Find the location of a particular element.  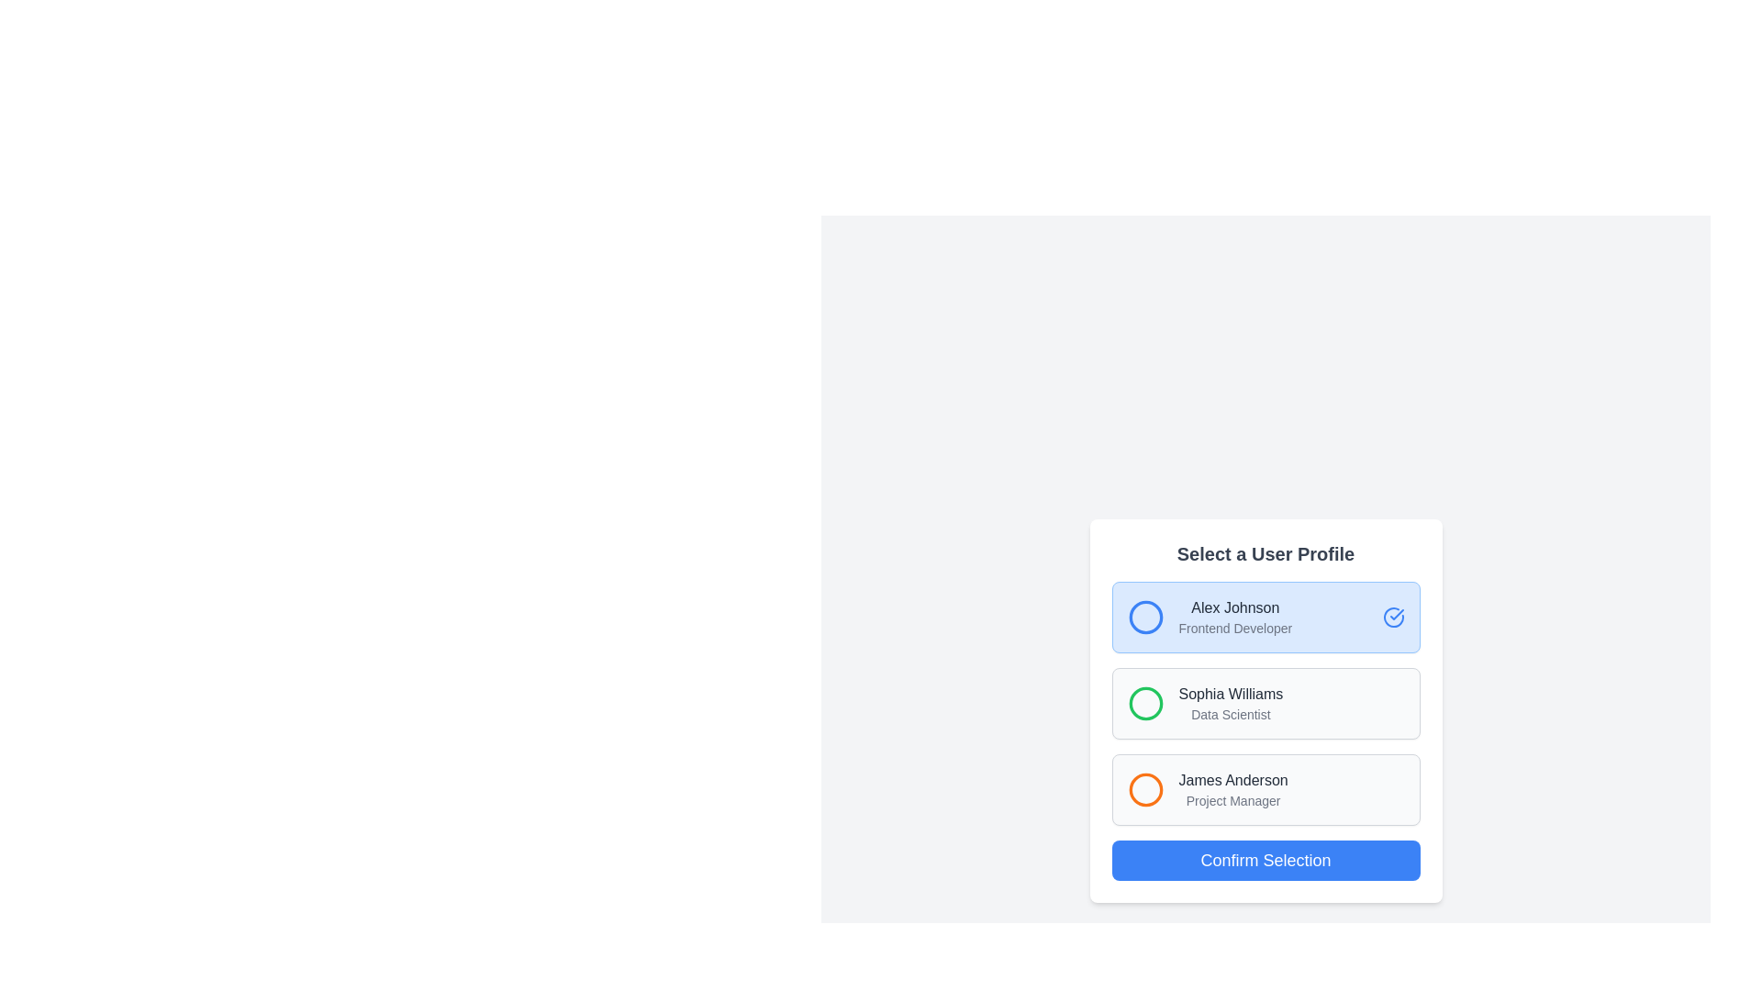

the first user profile listing entry displaying the user's name and professional title is located at coordinates (1210, 617).